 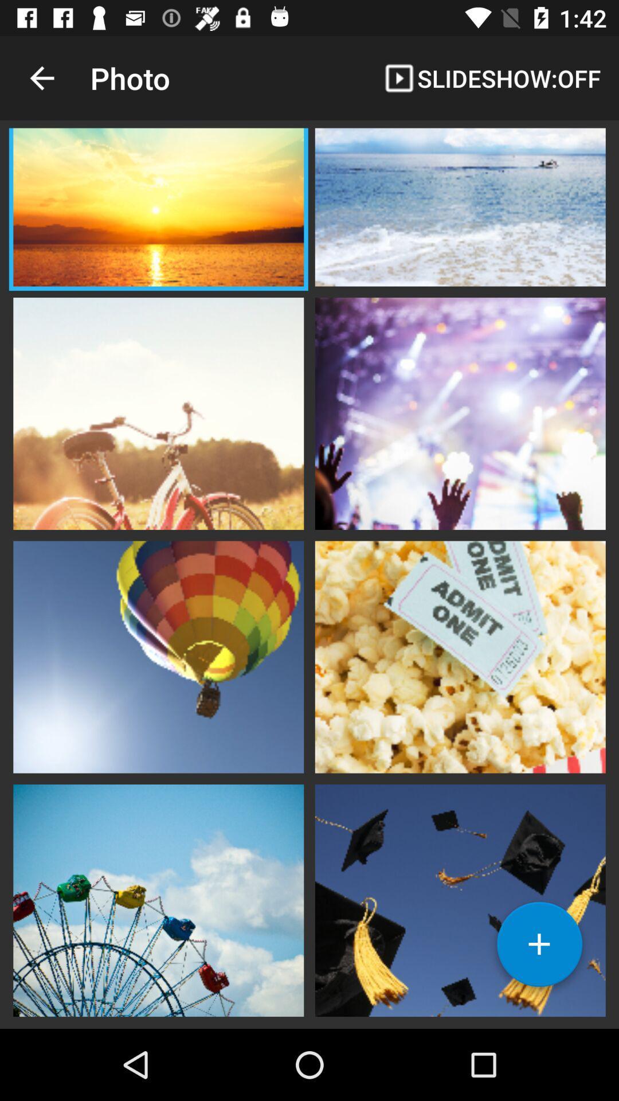 What do you see at coordinates (41, 77) in the screenshot?
I see `icon next to photo app` at bounding box center [41, 77].